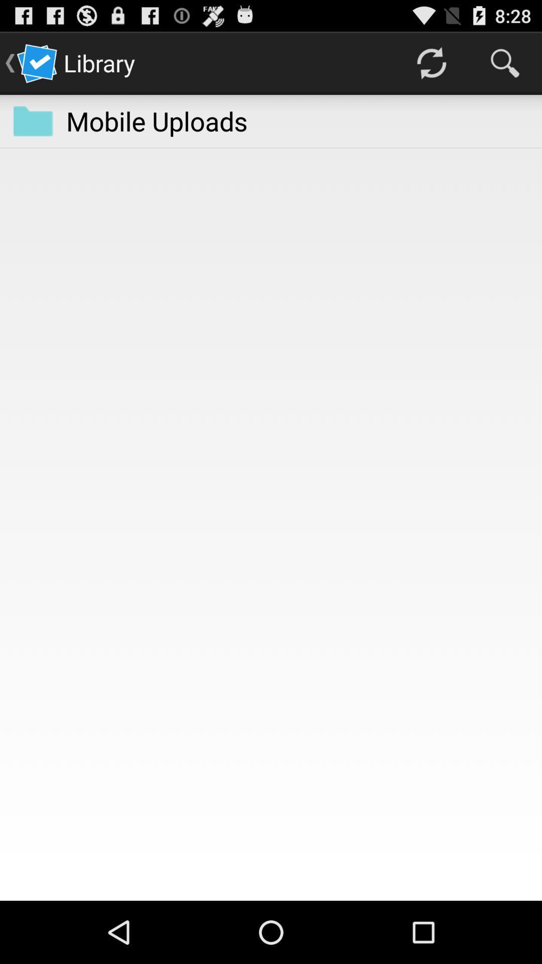 The image size is (542, 964). Describe the element at coordinates (33, 120) in the screenshot. I see `app next to mobile uploads` at that location.